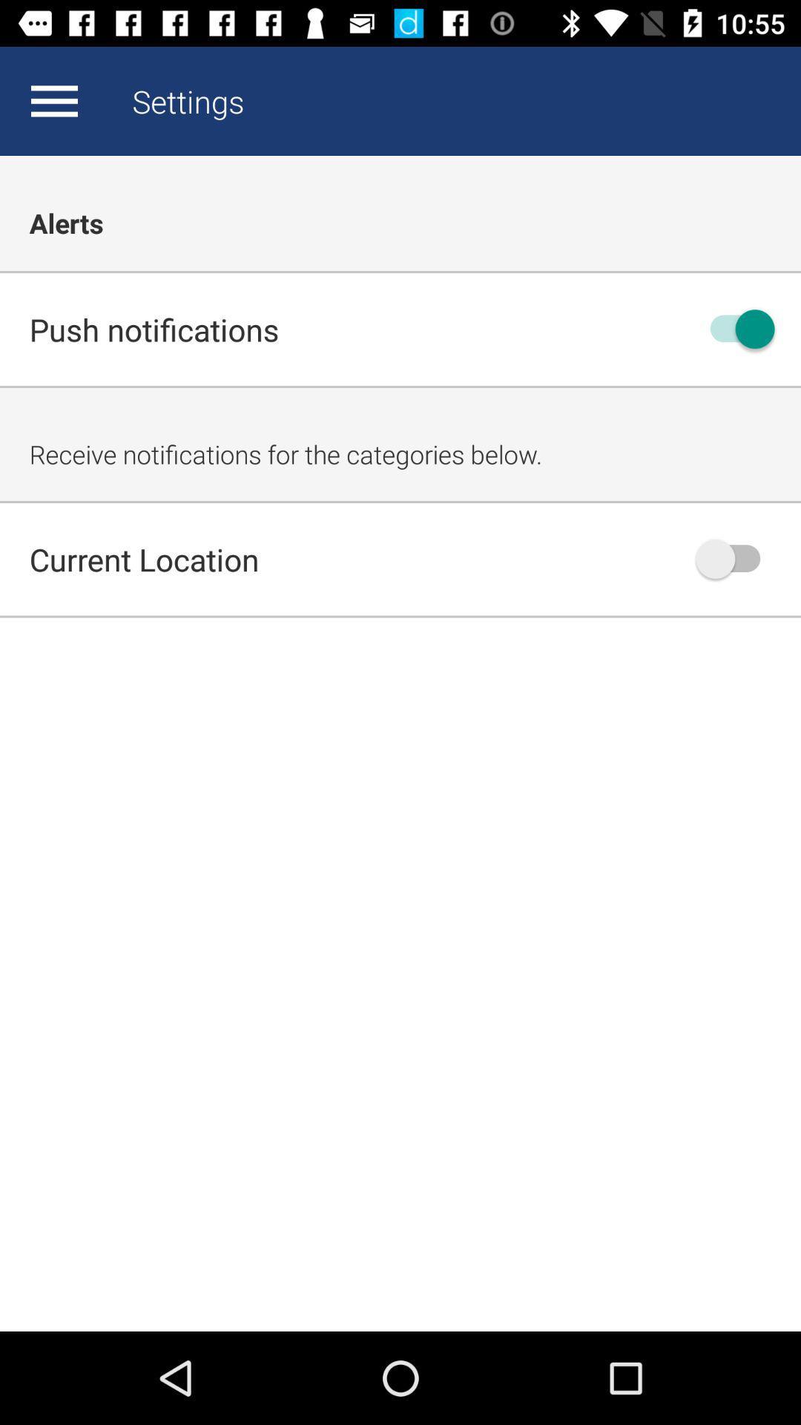 The height and width of the screenshot is (1425, 801). What do you see at coordinates (735, 558) in the screenshot?
I see `enable current location` at bounding box center [735, 558].